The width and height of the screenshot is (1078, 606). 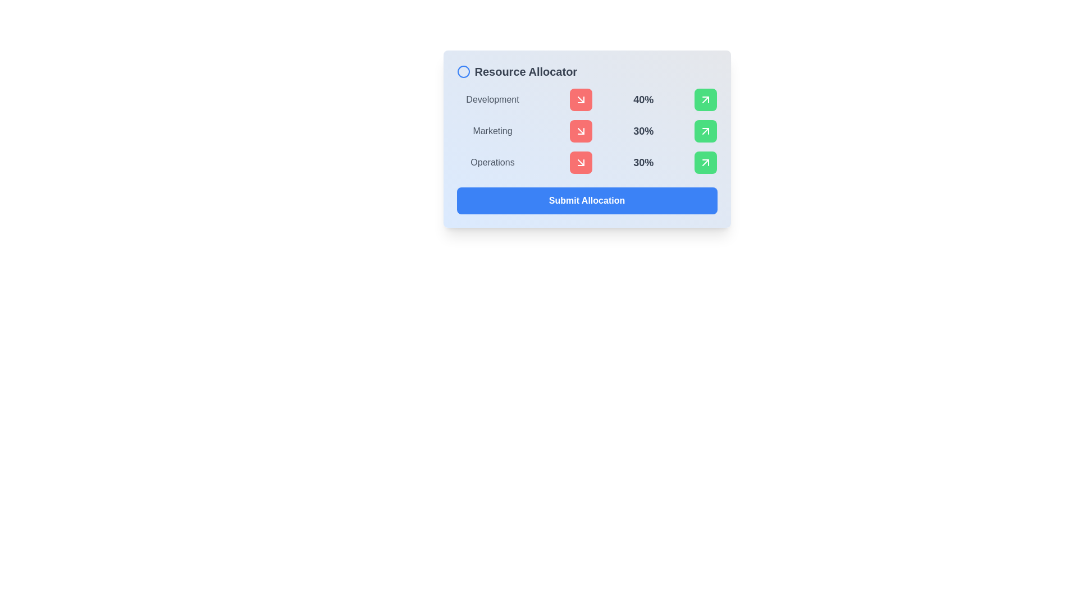 I want to click on the static text label indicating the percentage value associated with 'Marketing', which is located to the right of the 'Marketing' label and adjacent to arrow icons, so click(x=643, y=131).